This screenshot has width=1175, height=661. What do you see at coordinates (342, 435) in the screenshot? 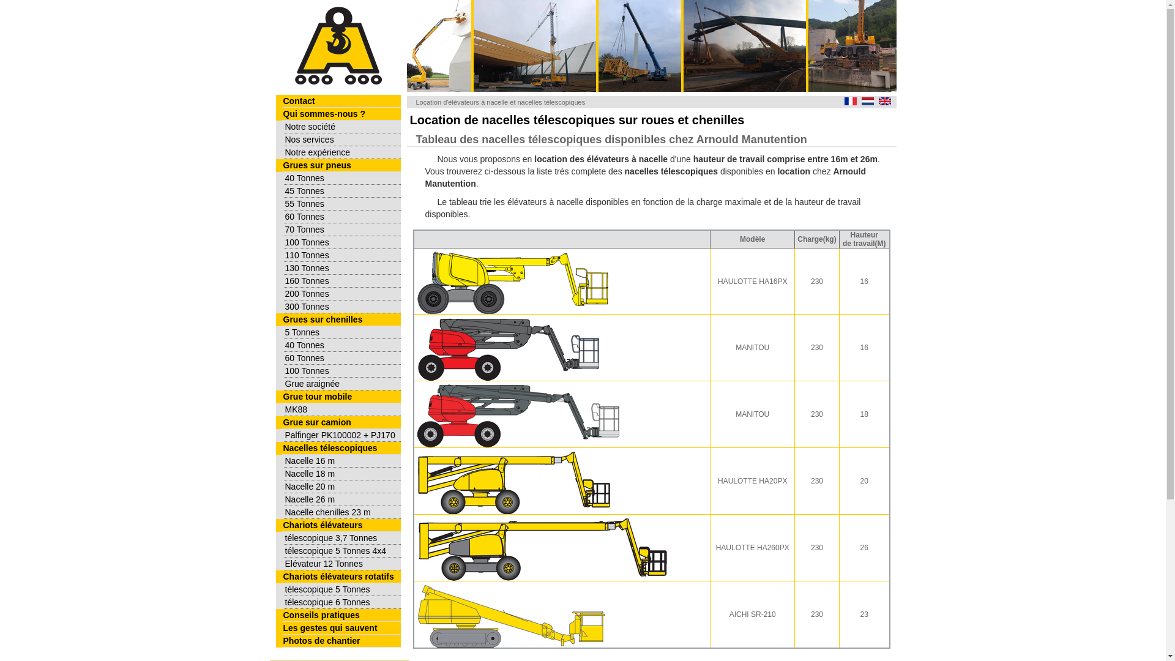
I see `'Palfinger PK100002 + PJ170'` at bounding box center [342, 435].